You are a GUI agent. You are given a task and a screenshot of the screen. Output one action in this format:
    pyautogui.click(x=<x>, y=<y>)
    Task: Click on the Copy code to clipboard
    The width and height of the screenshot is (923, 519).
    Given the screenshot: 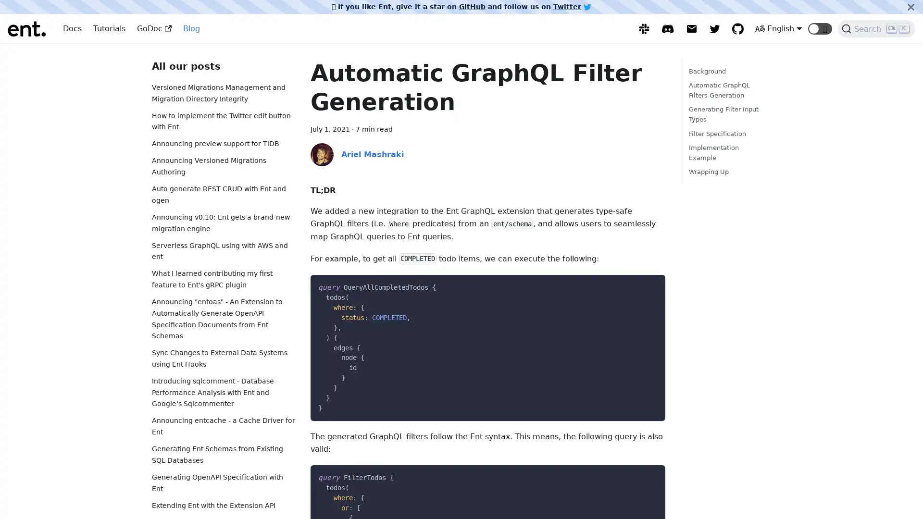 What is the action you would take?
    pyautogui.click(x=649, y=476)
    